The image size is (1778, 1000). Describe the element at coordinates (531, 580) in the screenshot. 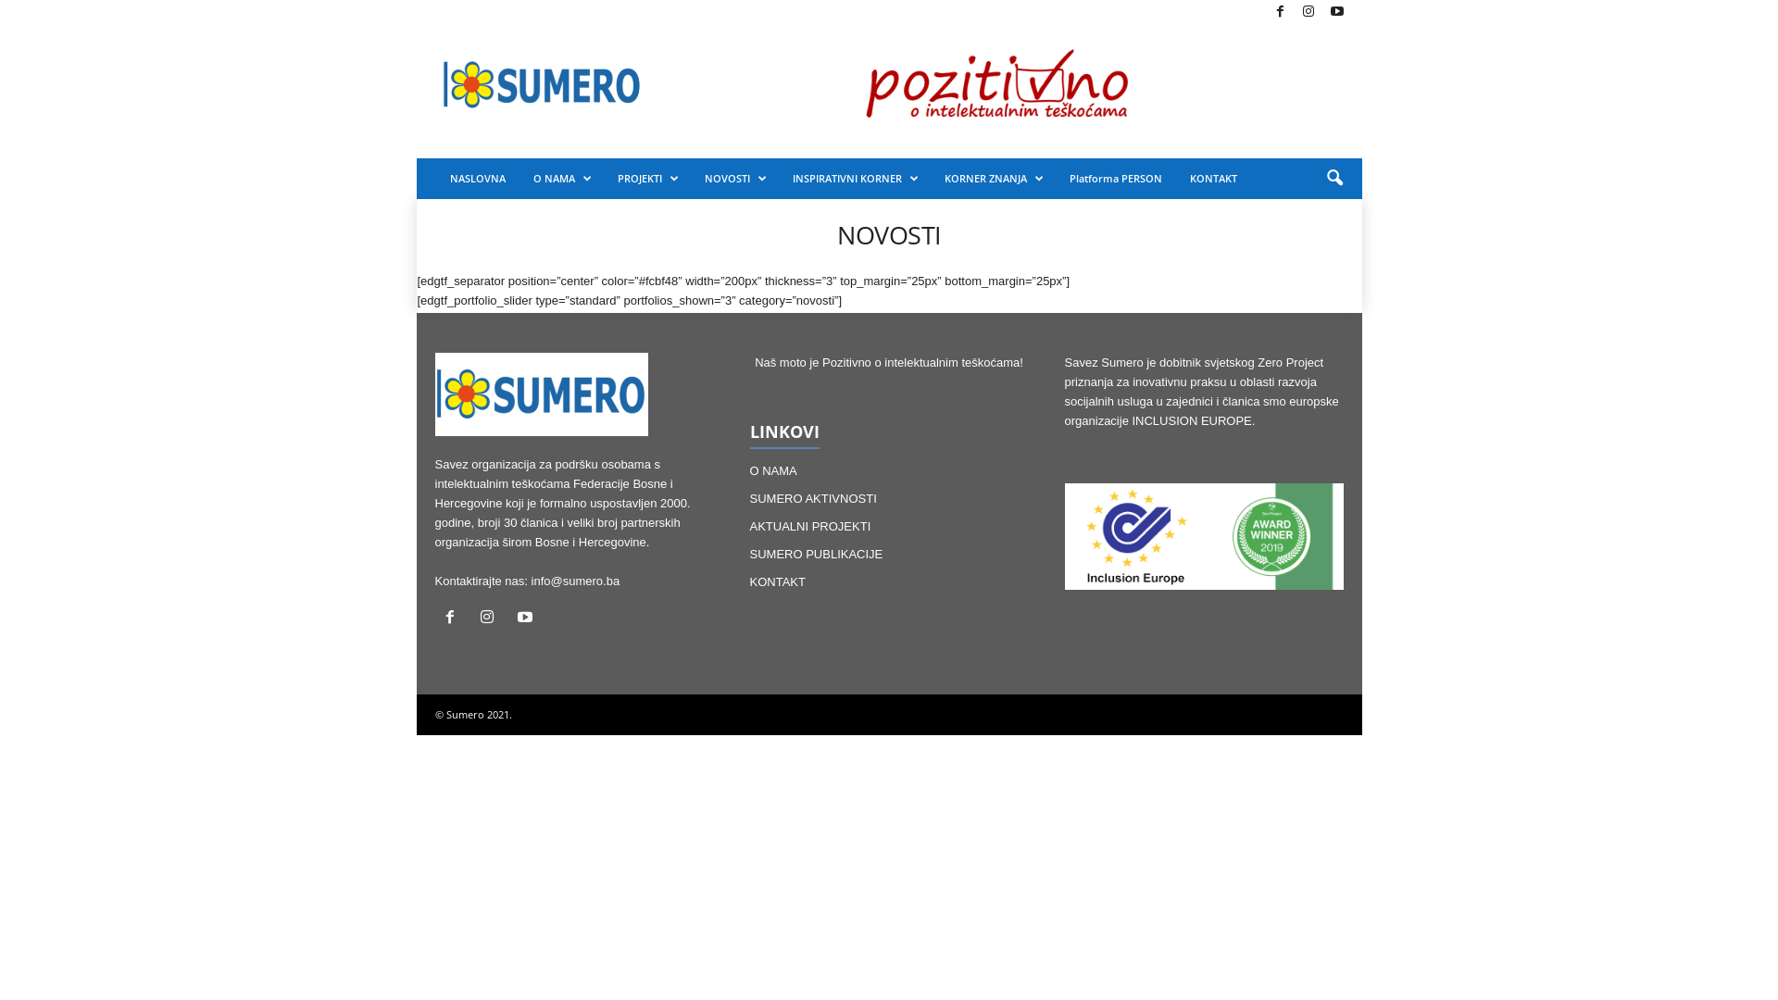

I see `'info@sumero.ba'` at that location.